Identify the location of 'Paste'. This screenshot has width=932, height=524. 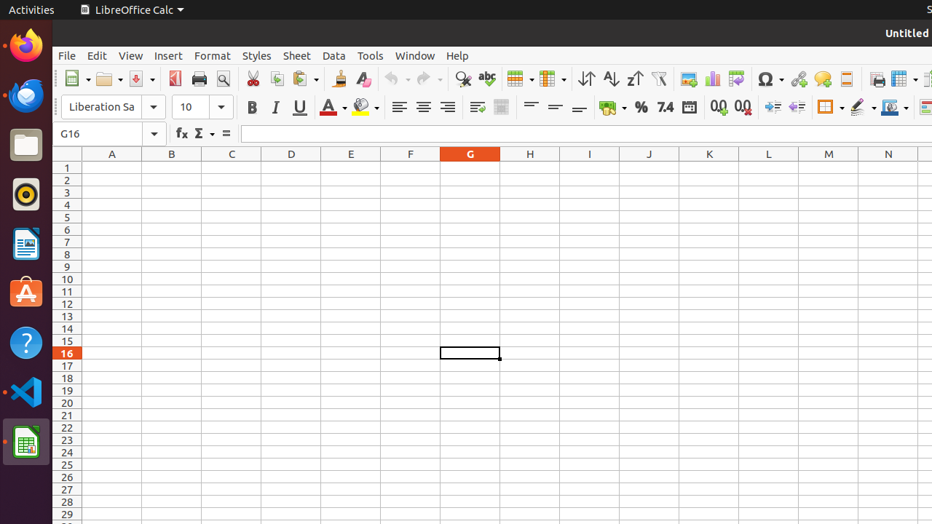
(304, 79).